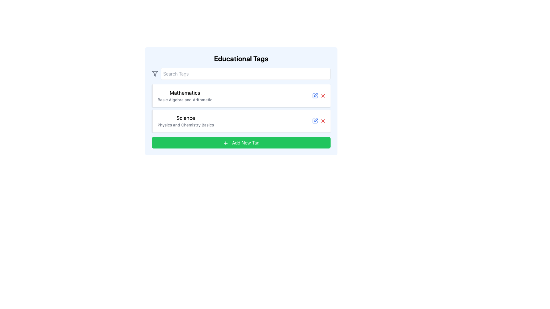 The height and width of the screenshot is (309, 550). What do you see at coordinates (315, 120) in the screenshot?
I see `the Edit action icon, which is a pen overlapping a square, located adjacent to the delete button on the right side of the 'Science' tag row` at bounding box center [315, 120].